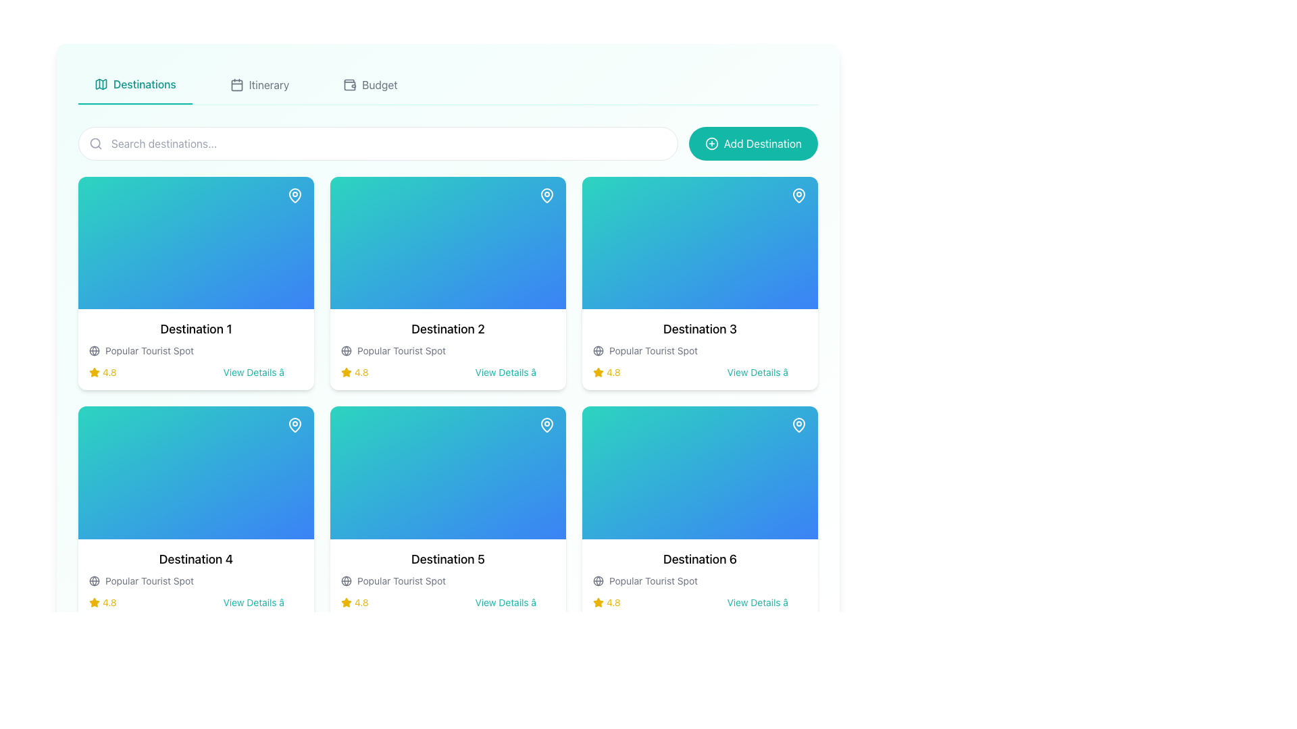 The width and height of the screenshot is (1297, 729). What do you see at coordinates (448, 329) in the screenshot?
I see `the static text label that provides the name or title of the destination in the second card of the Destinations section, located between 'Destination 1' and 'Destination 3'` at bounding box center [448, 329].